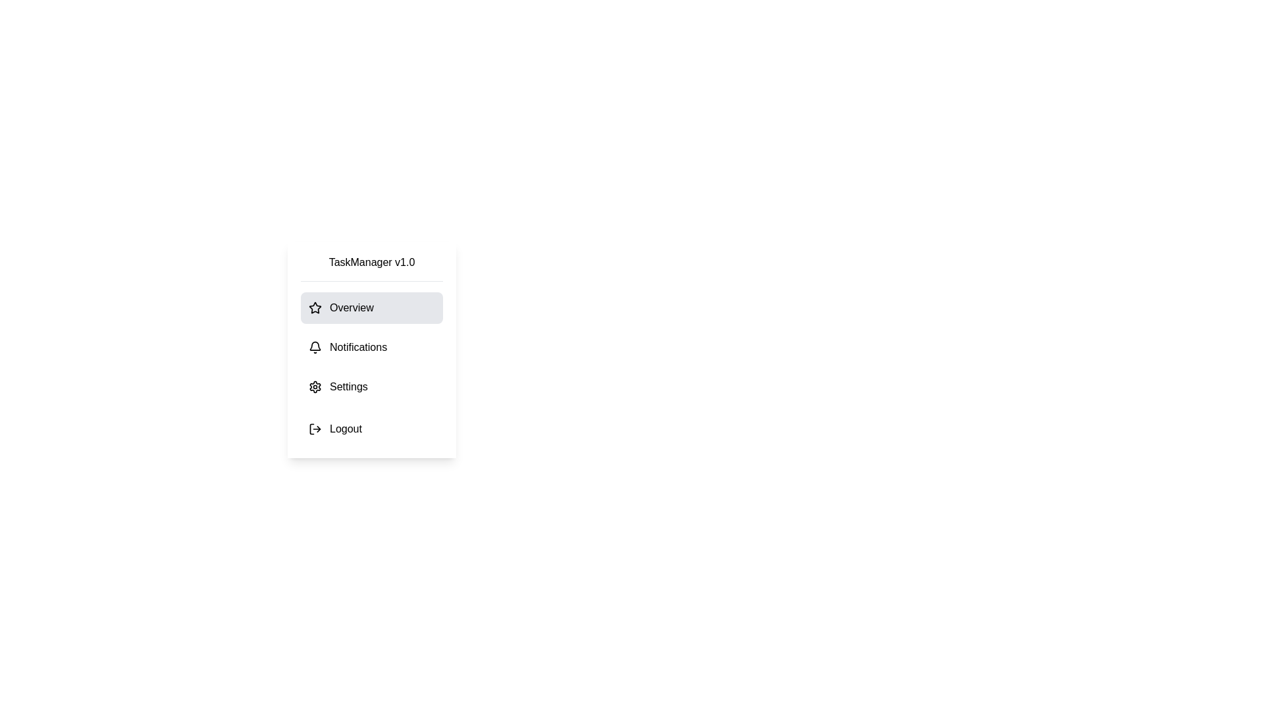 The height and width of the screenshot is (711, 1264). What do you see at coordinates (315, 347) in the screenshot?
I see `the bell-shaped notification icon located to the left of the 'Notifications' text label by moving the cursor to its center point` at bounding box center [315, 347].